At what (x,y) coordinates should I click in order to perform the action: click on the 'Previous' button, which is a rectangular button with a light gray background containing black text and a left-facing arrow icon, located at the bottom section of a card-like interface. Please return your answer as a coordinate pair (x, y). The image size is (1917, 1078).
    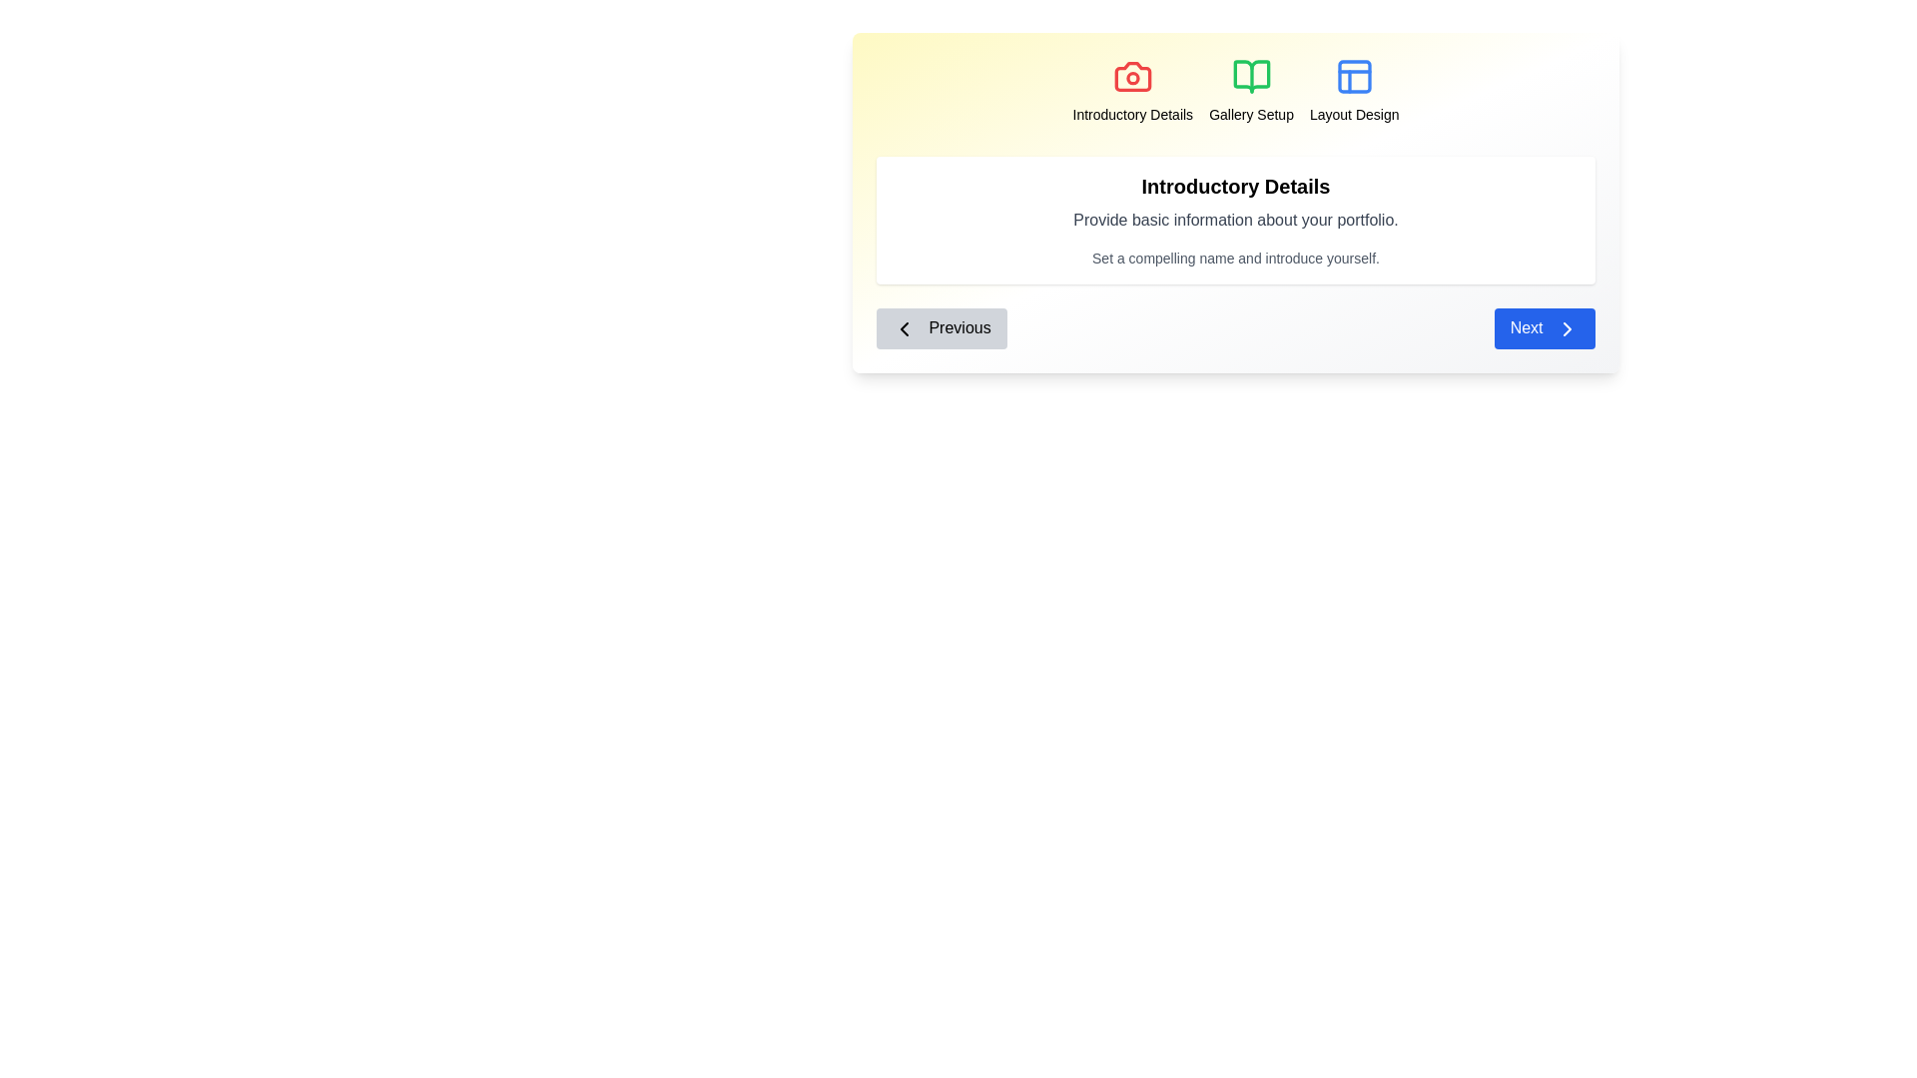
    Looking at the image, I should click on (941, 327).